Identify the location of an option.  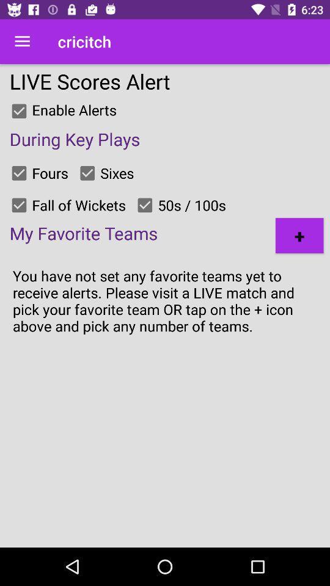
(87, 172).